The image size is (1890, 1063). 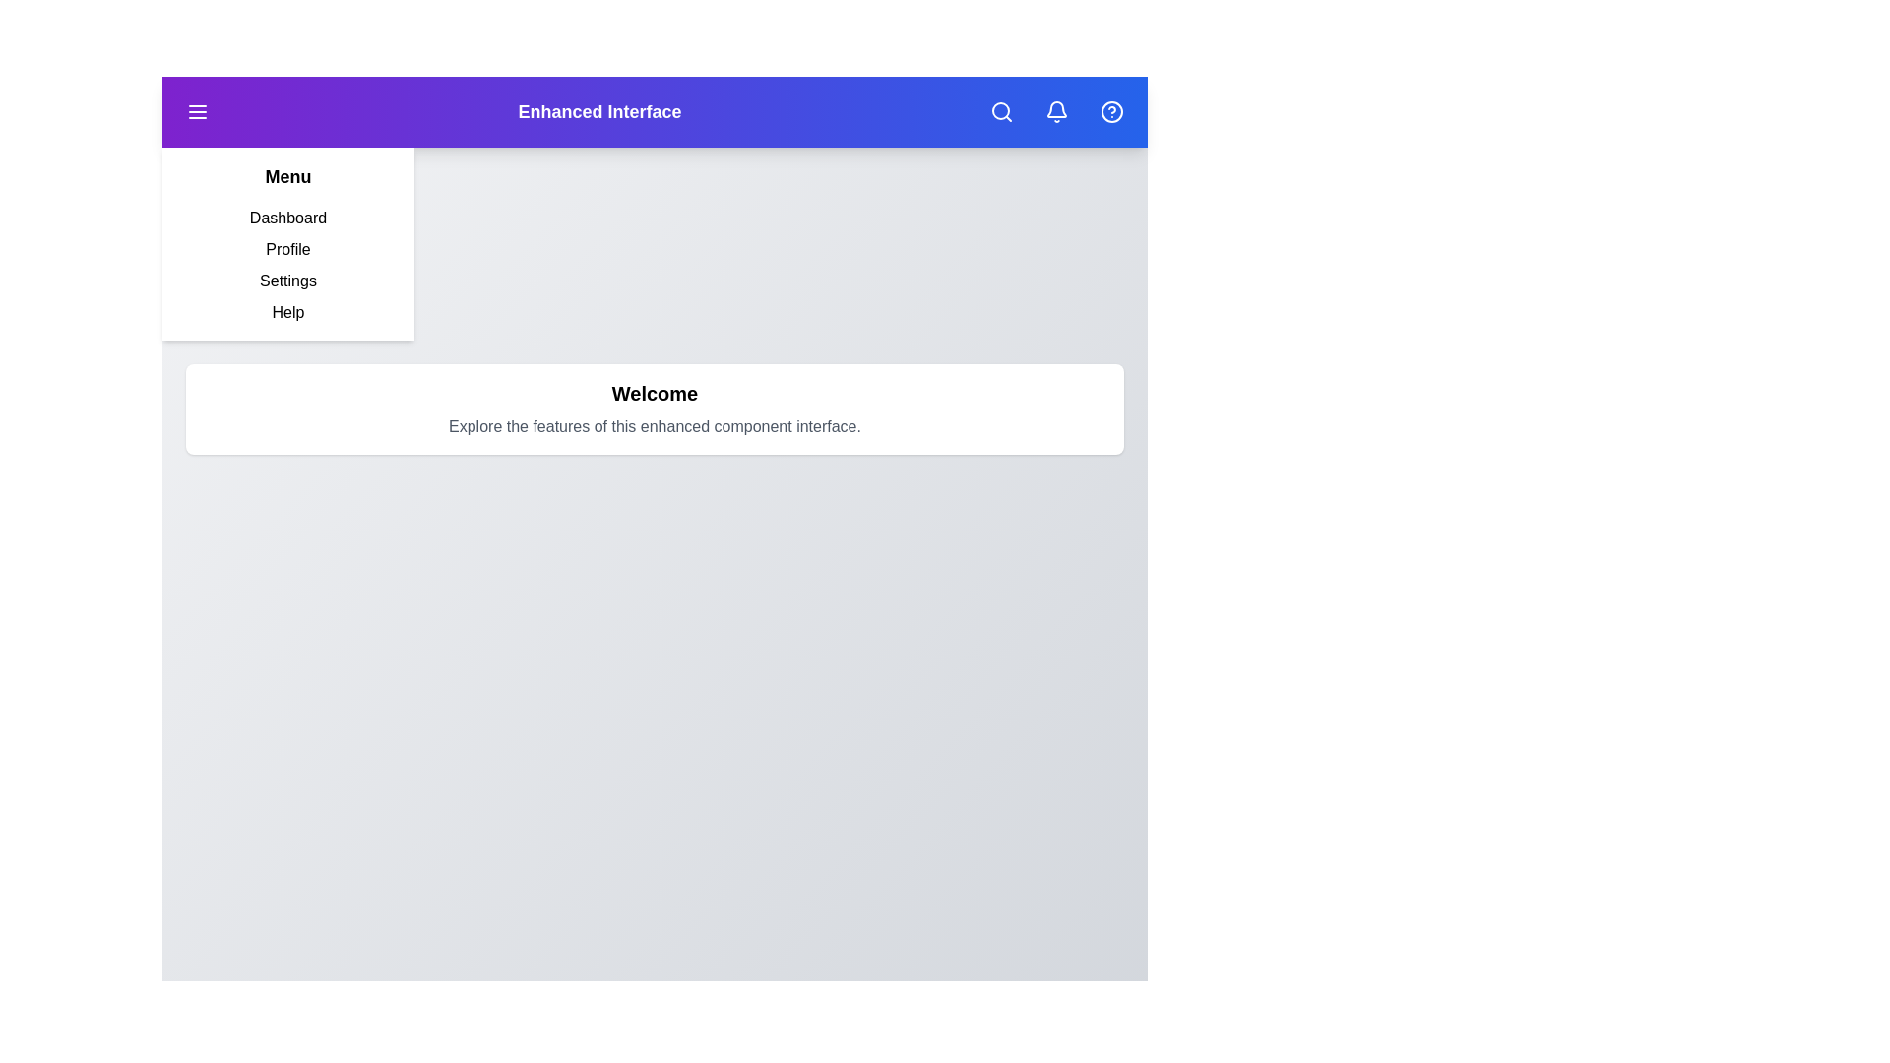 I want to click on the description text below 'Welcome', so click(x=655, y=426).